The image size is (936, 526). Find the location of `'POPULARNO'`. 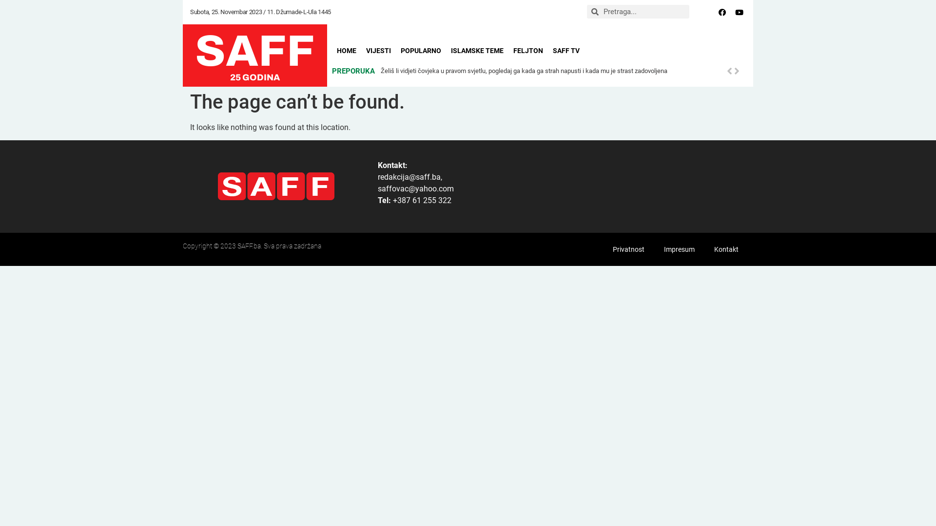

'POPULARNO' is located at coordinates (421, 51).